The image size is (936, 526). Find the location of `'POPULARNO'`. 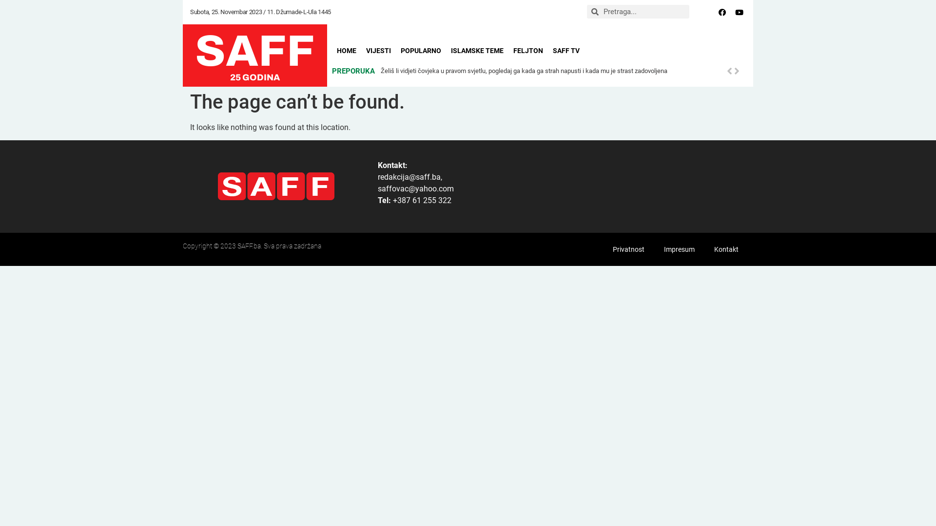

'POPULARNO' is located at coordinates (421, 51).